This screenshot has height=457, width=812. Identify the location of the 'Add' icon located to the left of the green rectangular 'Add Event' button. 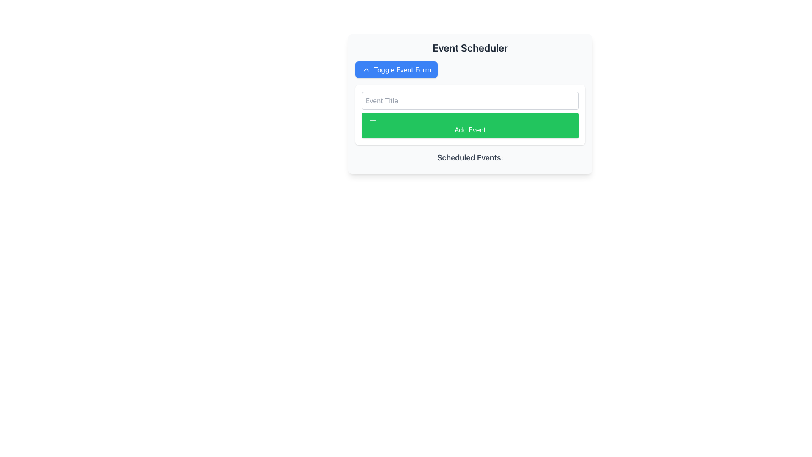
(373, 121).